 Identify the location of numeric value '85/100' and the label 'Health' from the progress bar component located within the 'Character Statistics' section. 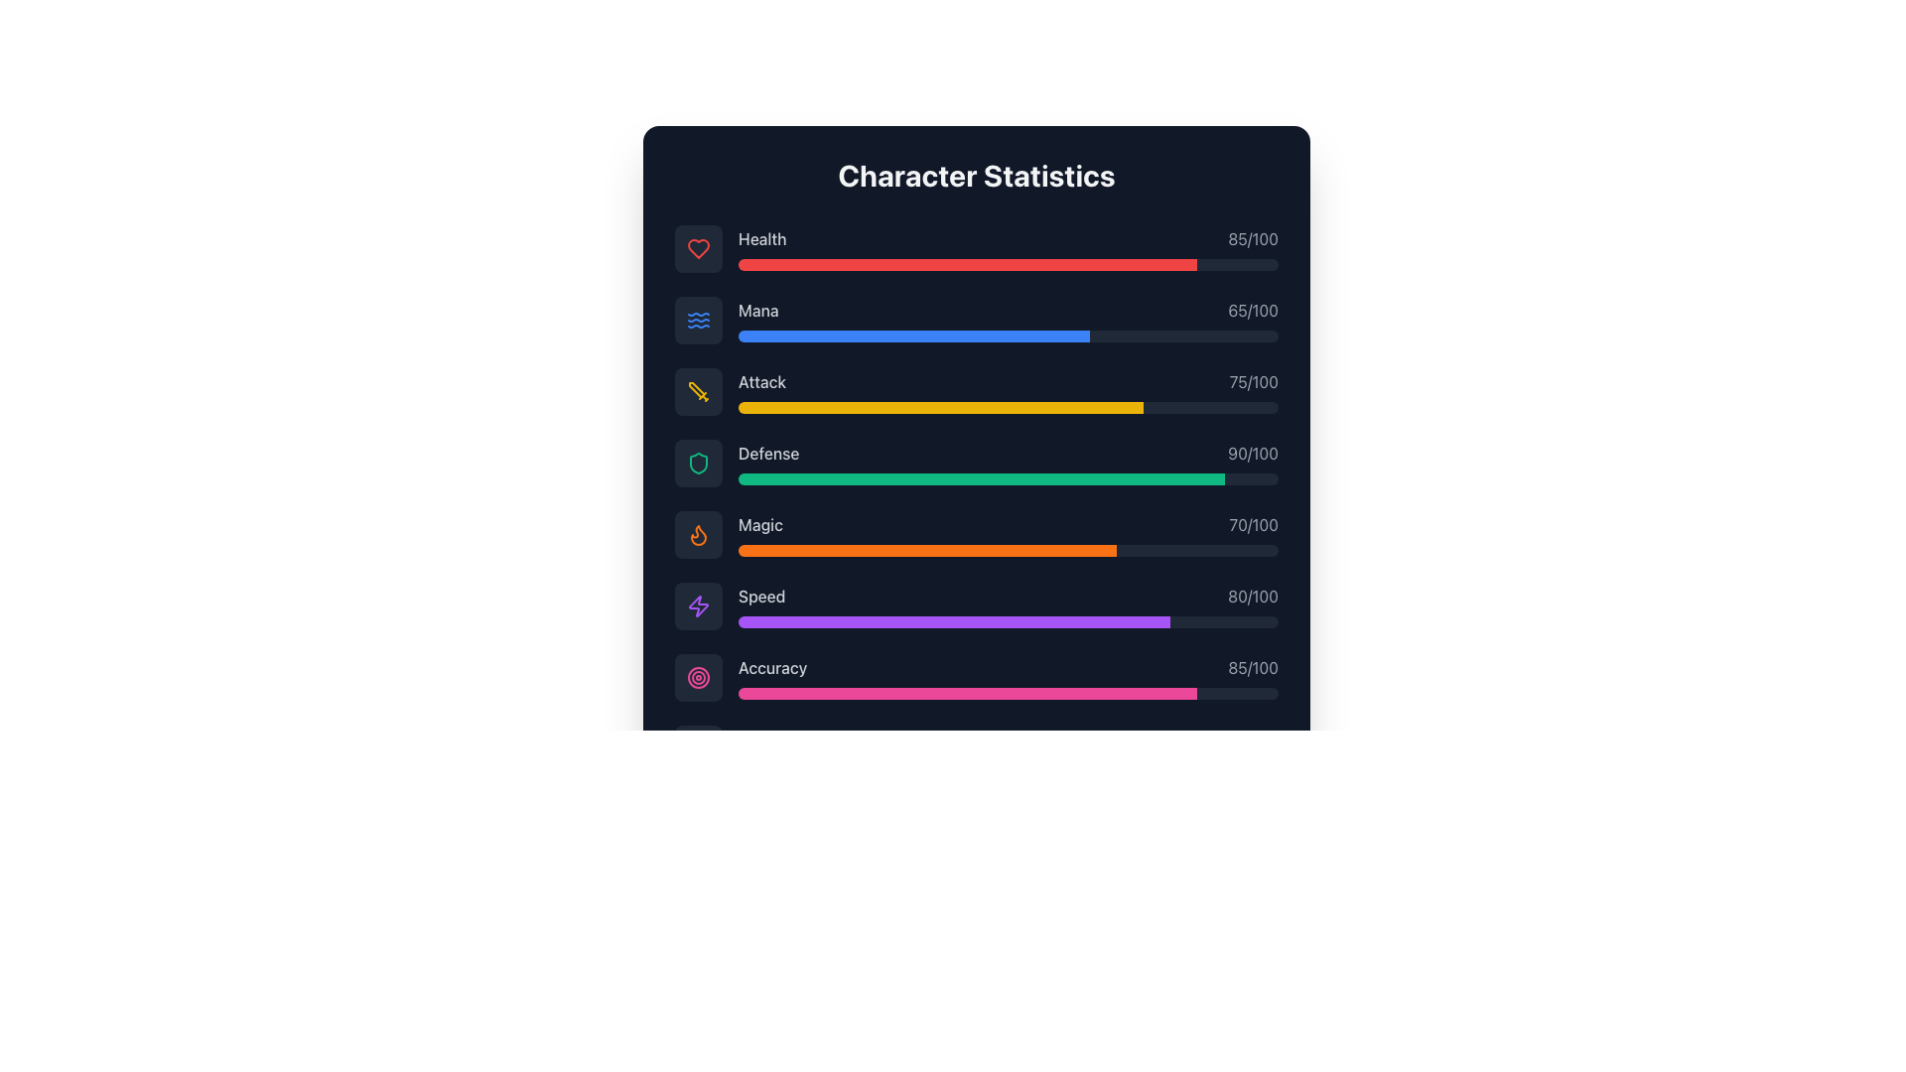
(976, 247).